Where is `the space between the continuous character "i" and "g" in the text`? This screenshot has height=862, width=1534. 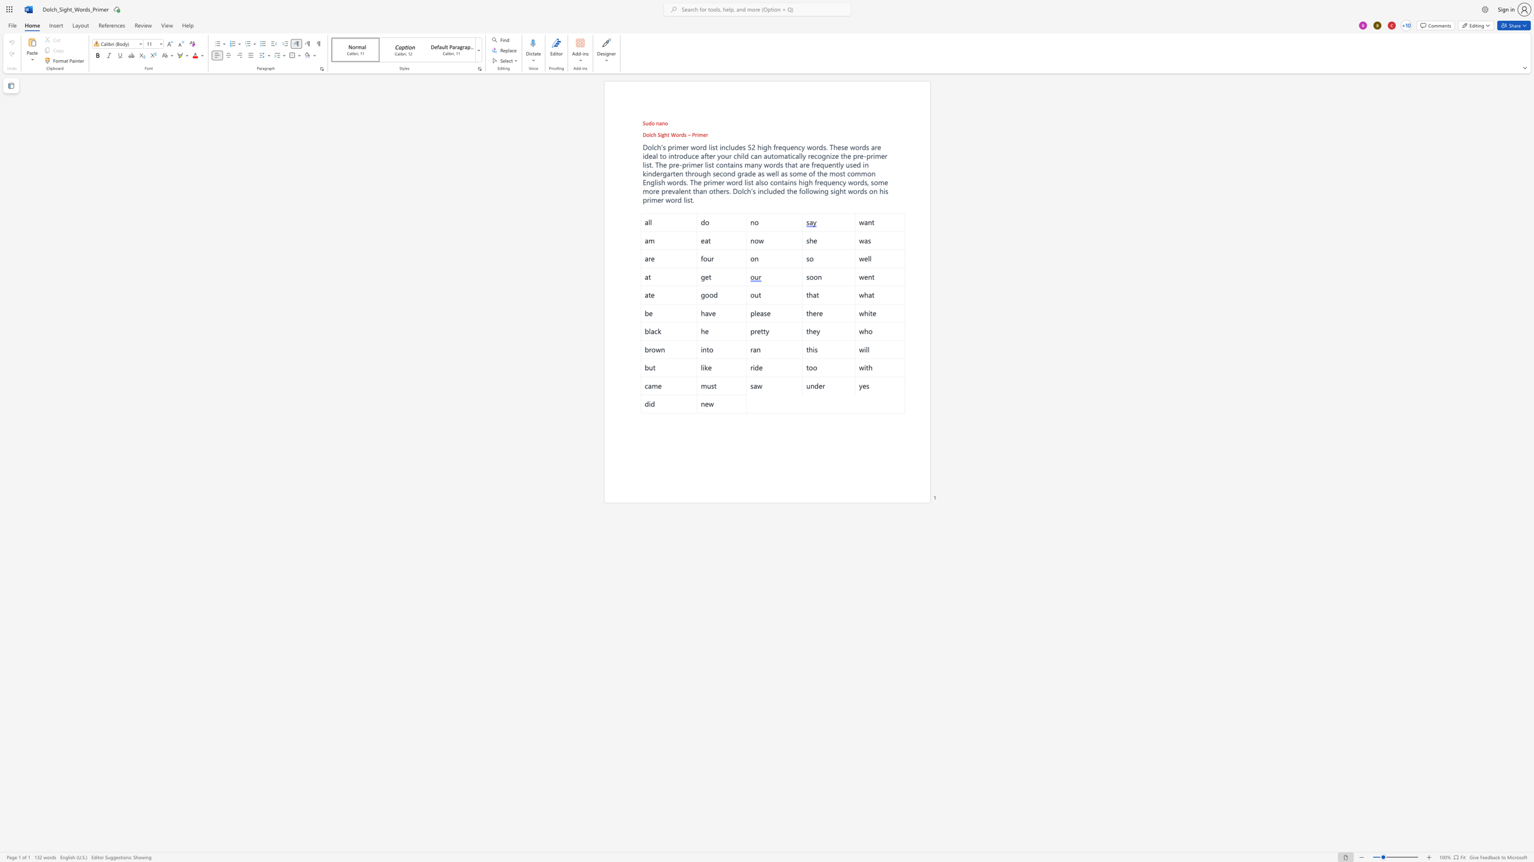 the space between the continuous character "i" and "g" in the text is located at coordinates (662, 134).